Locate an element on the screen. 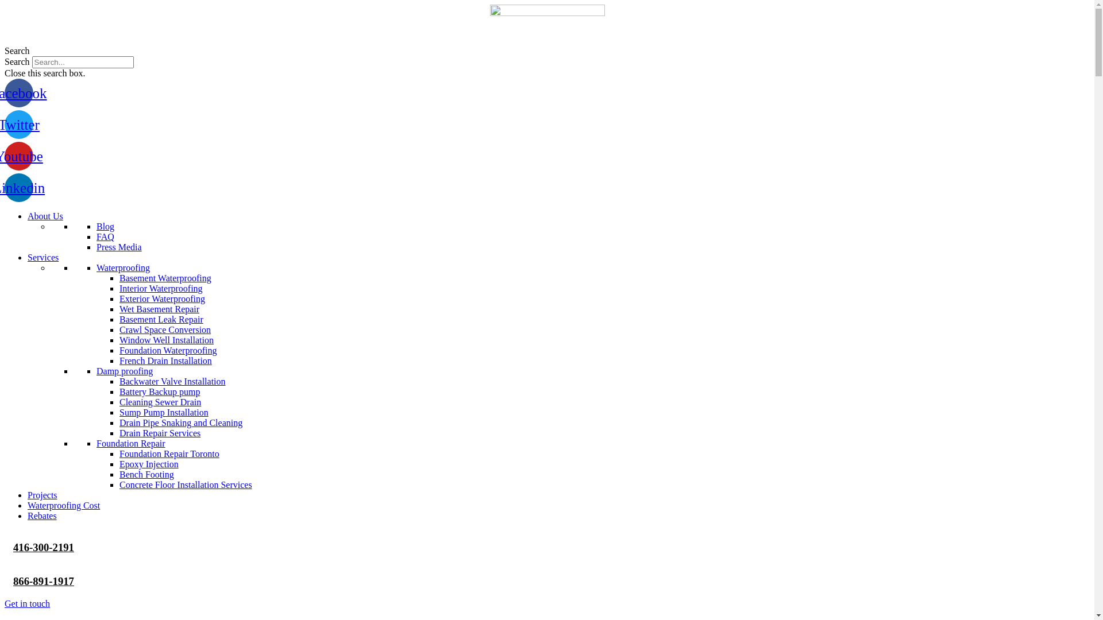 The height and width of the screenshot is (620, 1103). 'Linkedin' is located at coordinates (5, 187).